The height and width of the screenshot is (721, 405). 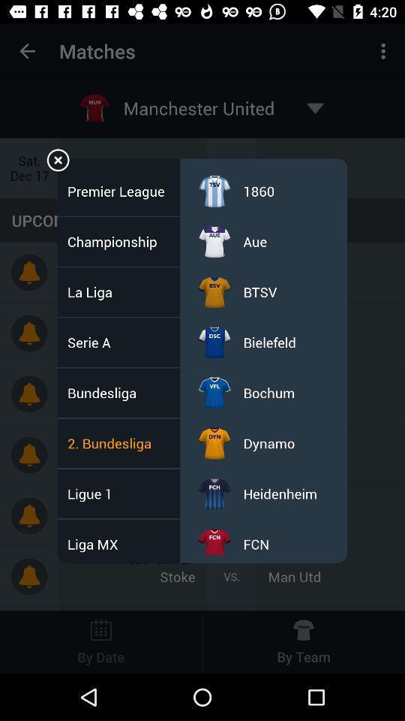 What do you see at coordinates (113, 443) in the screenshot?
I see `the icon above ligue 1` at bounding box center [113, 443].